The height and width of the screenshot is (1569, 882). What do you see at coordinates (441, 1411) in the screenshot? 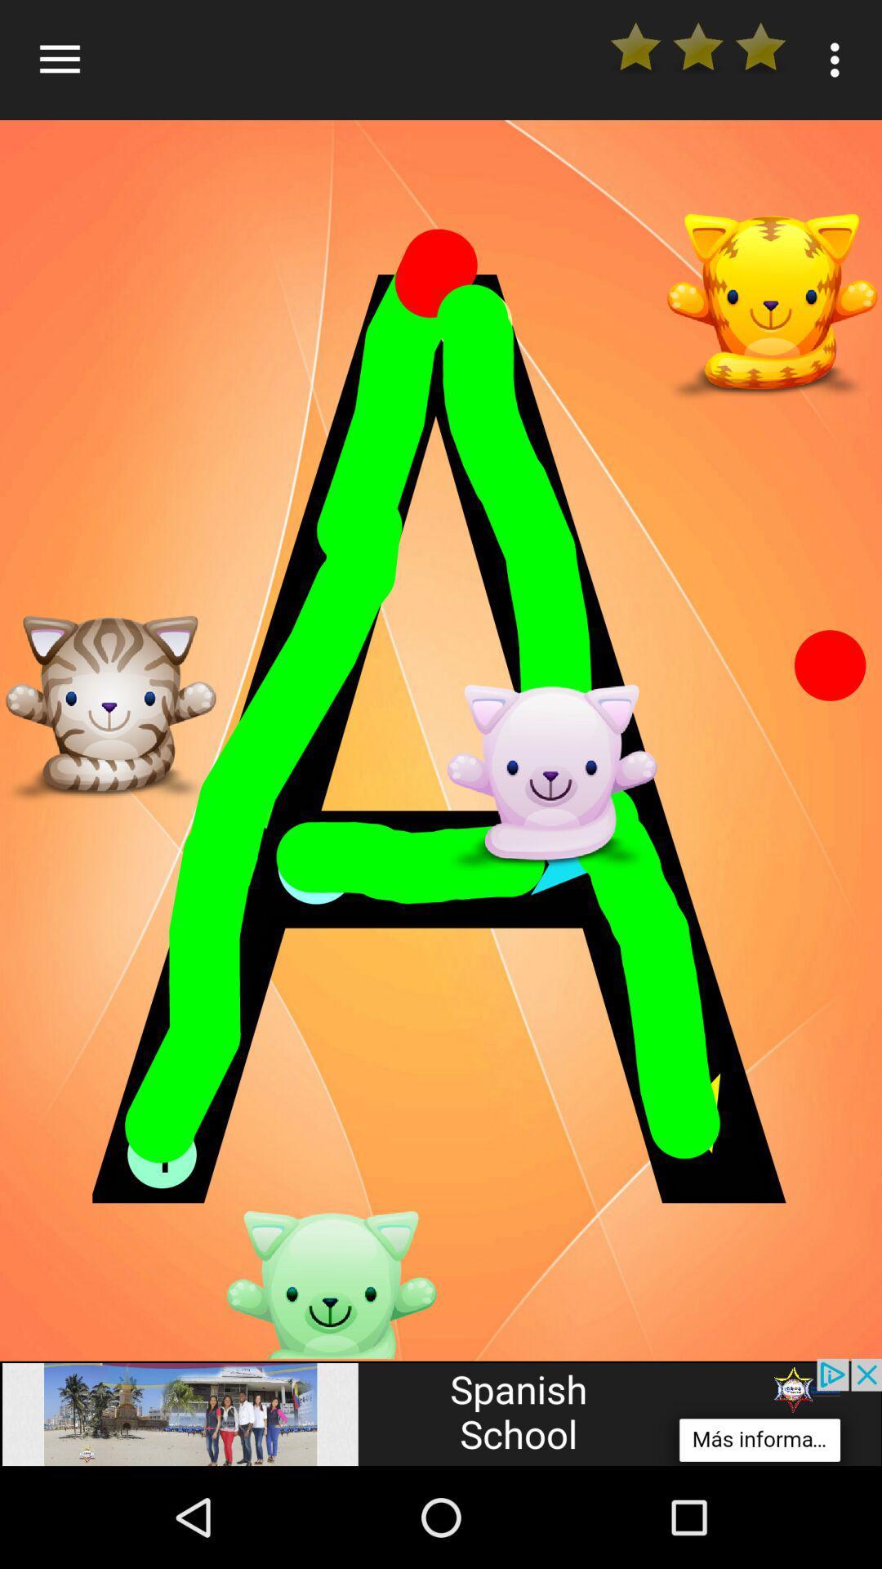
I see `adsence` at bounding box center [441, 1411].